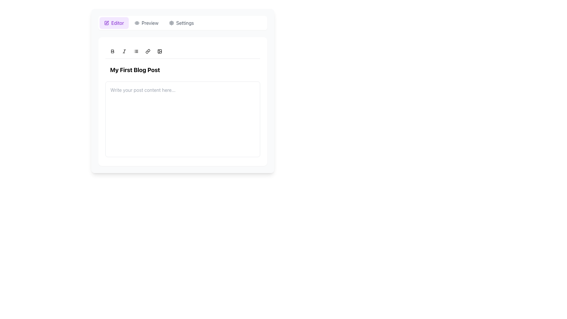 This screenshot has width=567, height=319. I want to click on the circular gear-like icon associated with settings, located to the left of the text 'Settings' in the top-right section of the interface, so click(171, 22).